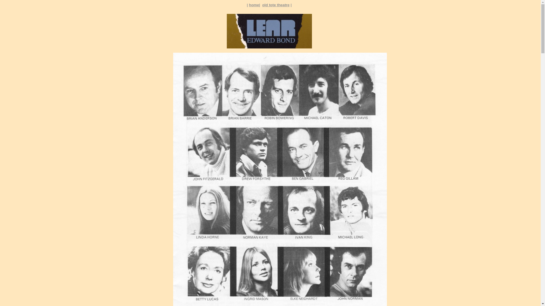 Image resolution: width=545 pixels, height=306 pixels. I want to click on 'old tote theatre', so click(276, 5).